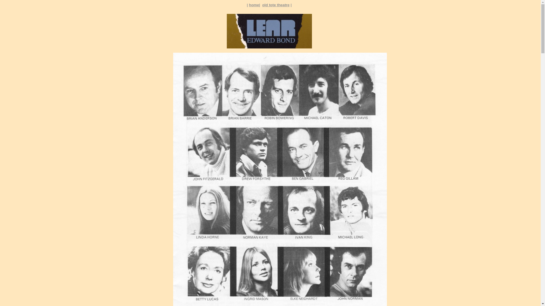 Image resolution: width=545 pixels, height=306 pixels. I want to click on 'old tote theatre', so click(276, 5).